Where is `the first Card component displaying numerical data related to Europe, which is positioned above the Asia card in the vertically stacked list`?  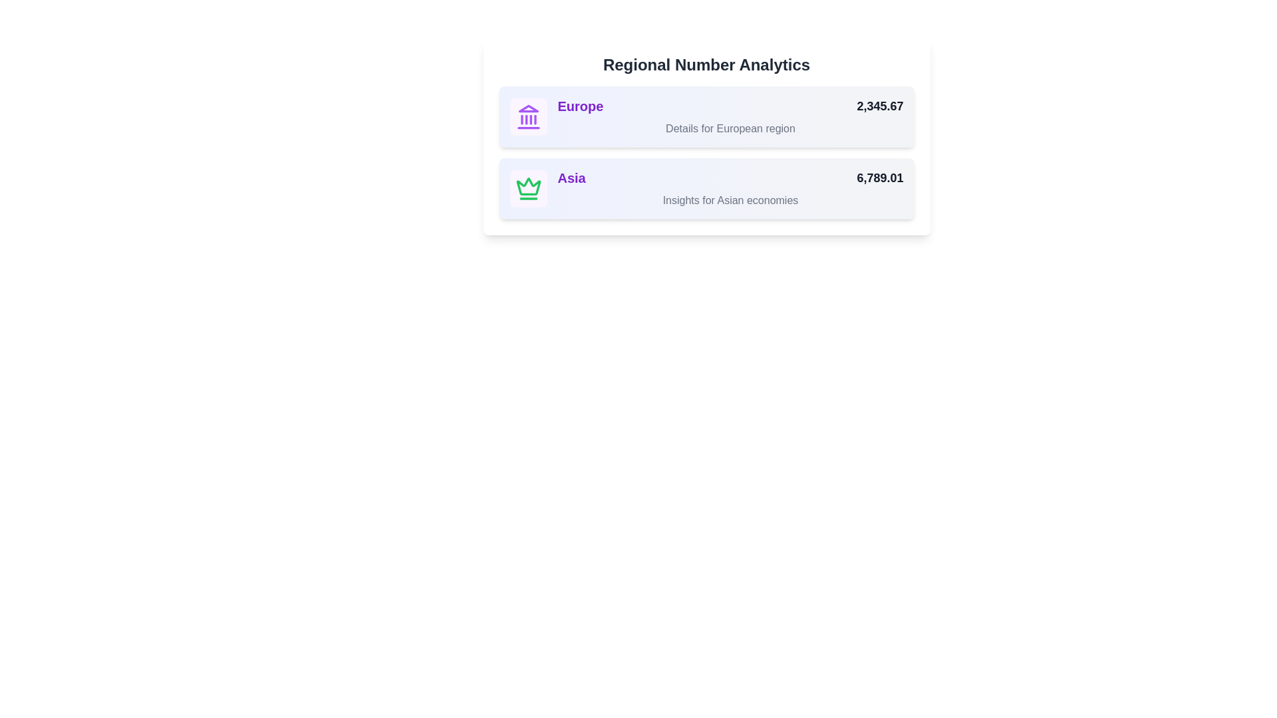 the first Card component displaying numerical data related to Europe, which is positioned above the Asia card in the vertically stacked list is located at coordinates (706, 136).